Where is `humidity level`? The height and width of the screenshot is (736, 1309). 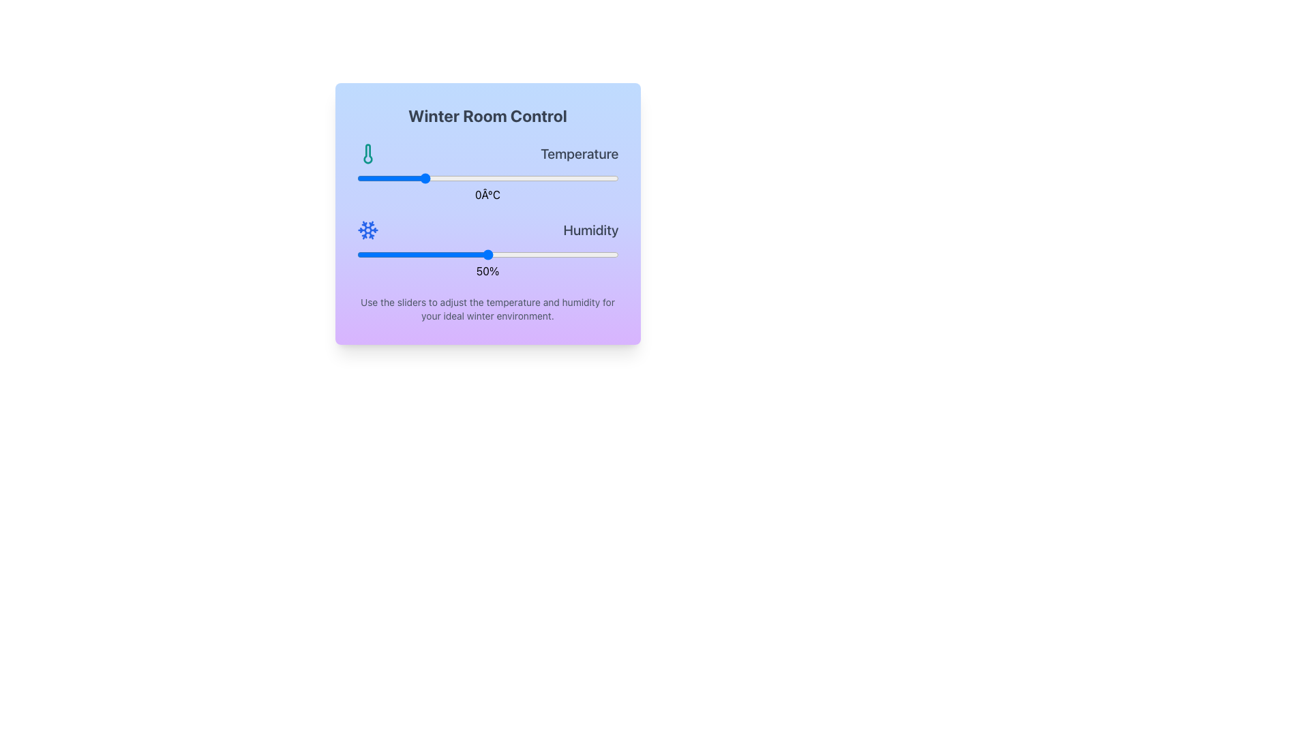 humidity level is located at coordinates (508, 255).